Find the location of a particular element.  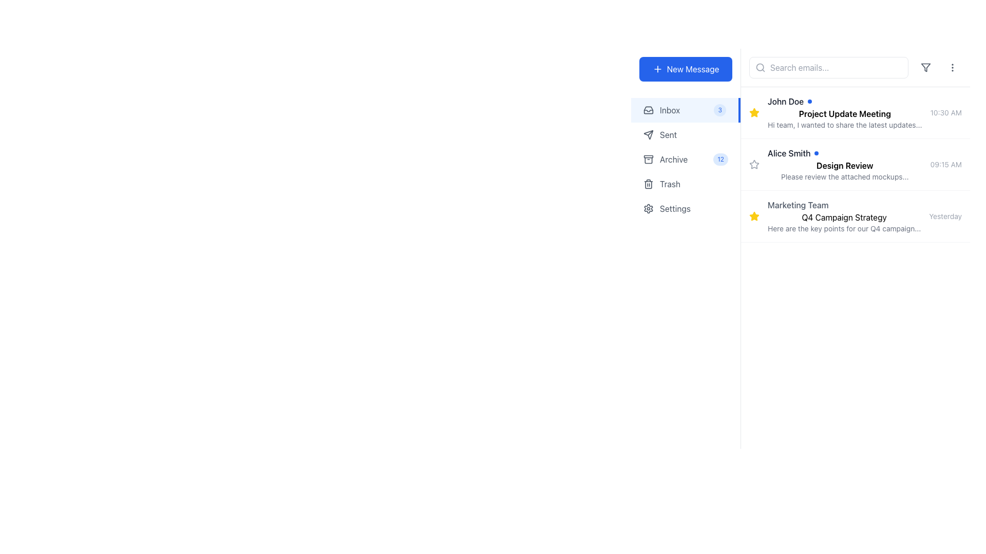

the star icon is located at coordinates (754, 215).